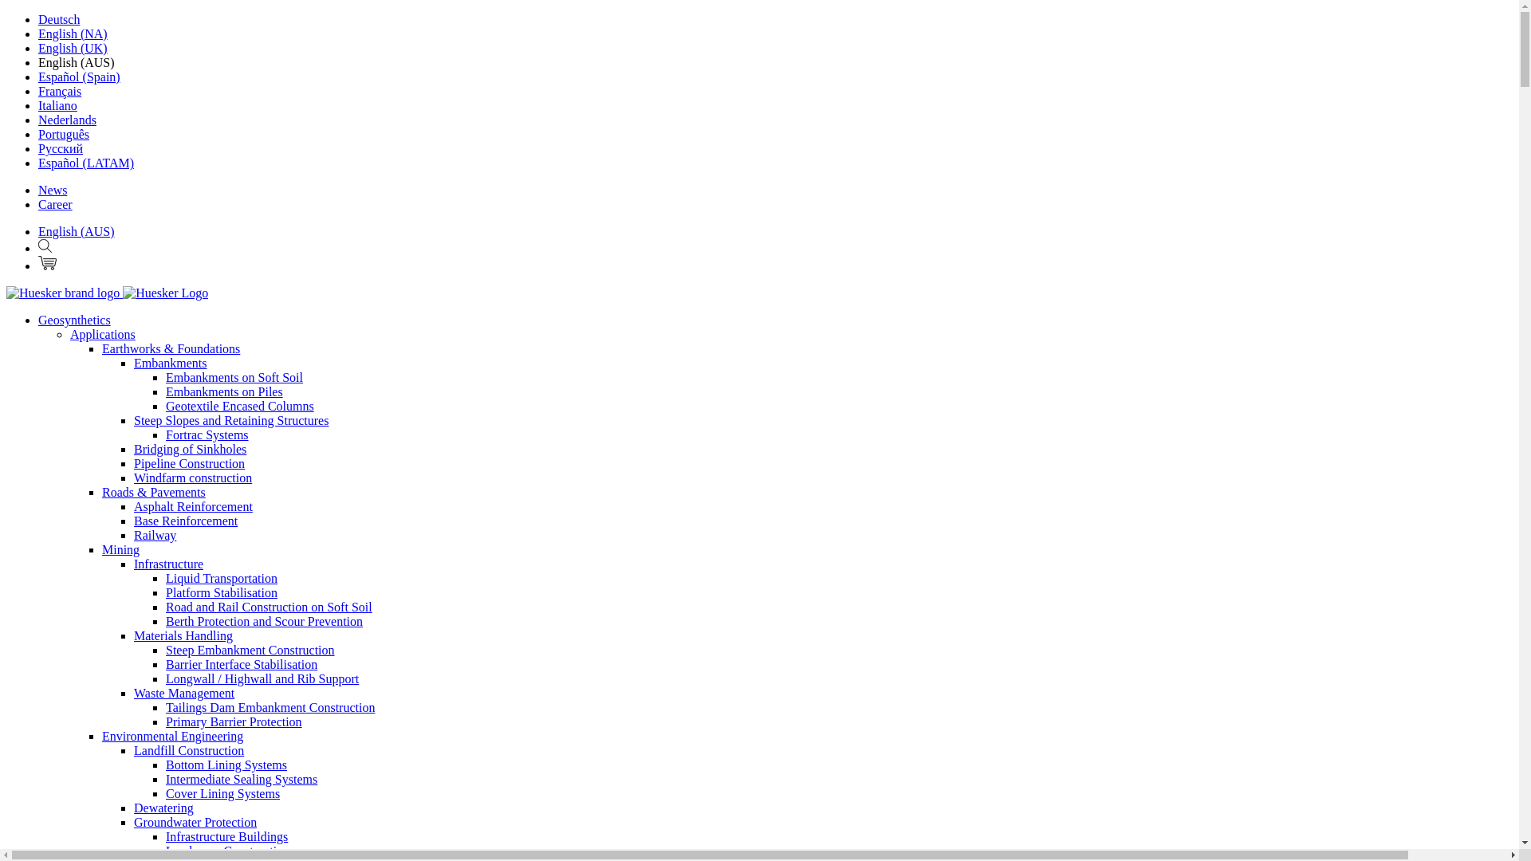  What do you see at coordinates (168, 563) in the screenshot?
I see `'Infrastructure'` at bounding box center [168, 563].